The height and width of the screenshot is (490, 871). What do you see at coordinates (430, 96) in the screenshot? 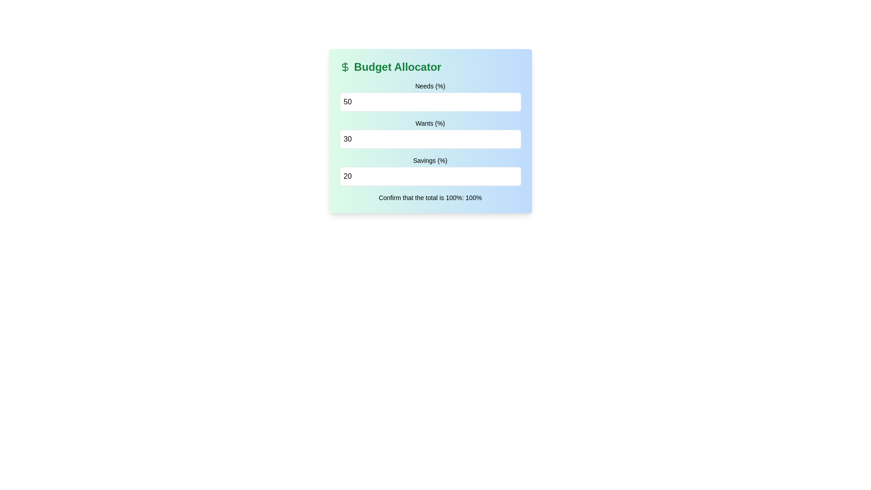
I see `on the labeled numeric input field for 'Needs (%)'` at bounding box center [430, 96].